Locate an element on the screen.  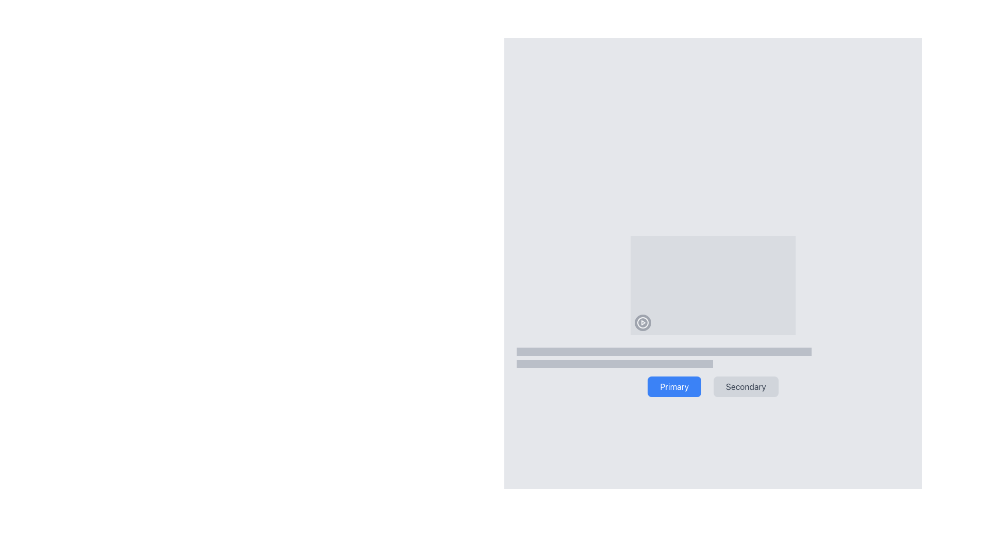
the primary action button located in the bottom portion of the interface is located at coordinates (674, 386).